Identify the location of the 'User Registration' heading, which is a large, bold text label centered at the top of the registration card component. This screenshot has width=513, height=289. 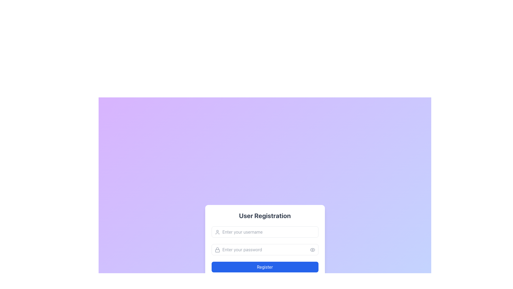
(265, 215).